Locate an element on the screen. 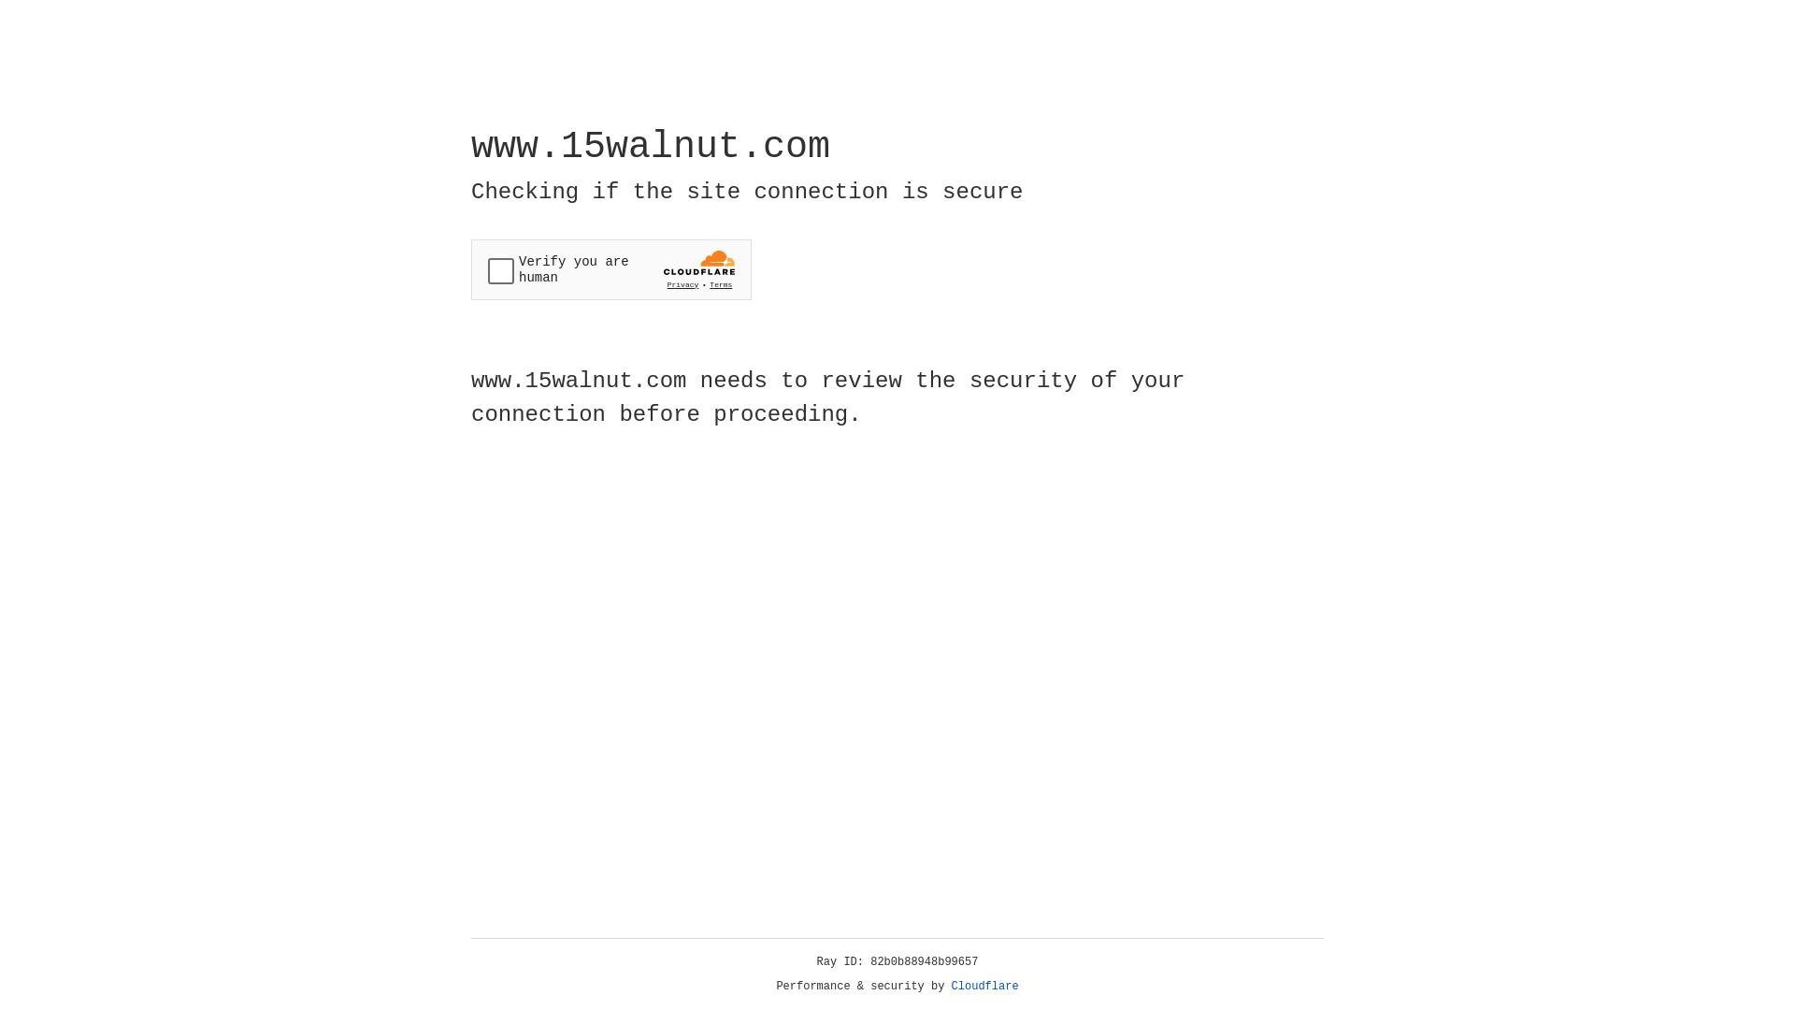 Image resolution: width=1795 pixels, height=1010 pixels. 'Widget containing a Cloudflare security challenge' is located at coordinates (610, 269).